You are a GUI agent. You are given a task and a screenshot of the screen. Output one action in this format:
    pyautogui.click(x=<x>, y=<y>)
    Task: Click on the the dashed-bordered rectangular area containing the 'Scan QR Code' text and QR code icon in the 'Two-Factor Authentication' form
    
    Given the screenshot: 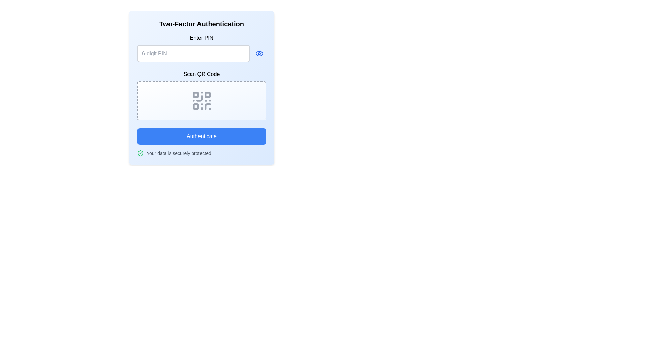 What is the action you would take?
    pyautogui.click(x=201, y=95)
    